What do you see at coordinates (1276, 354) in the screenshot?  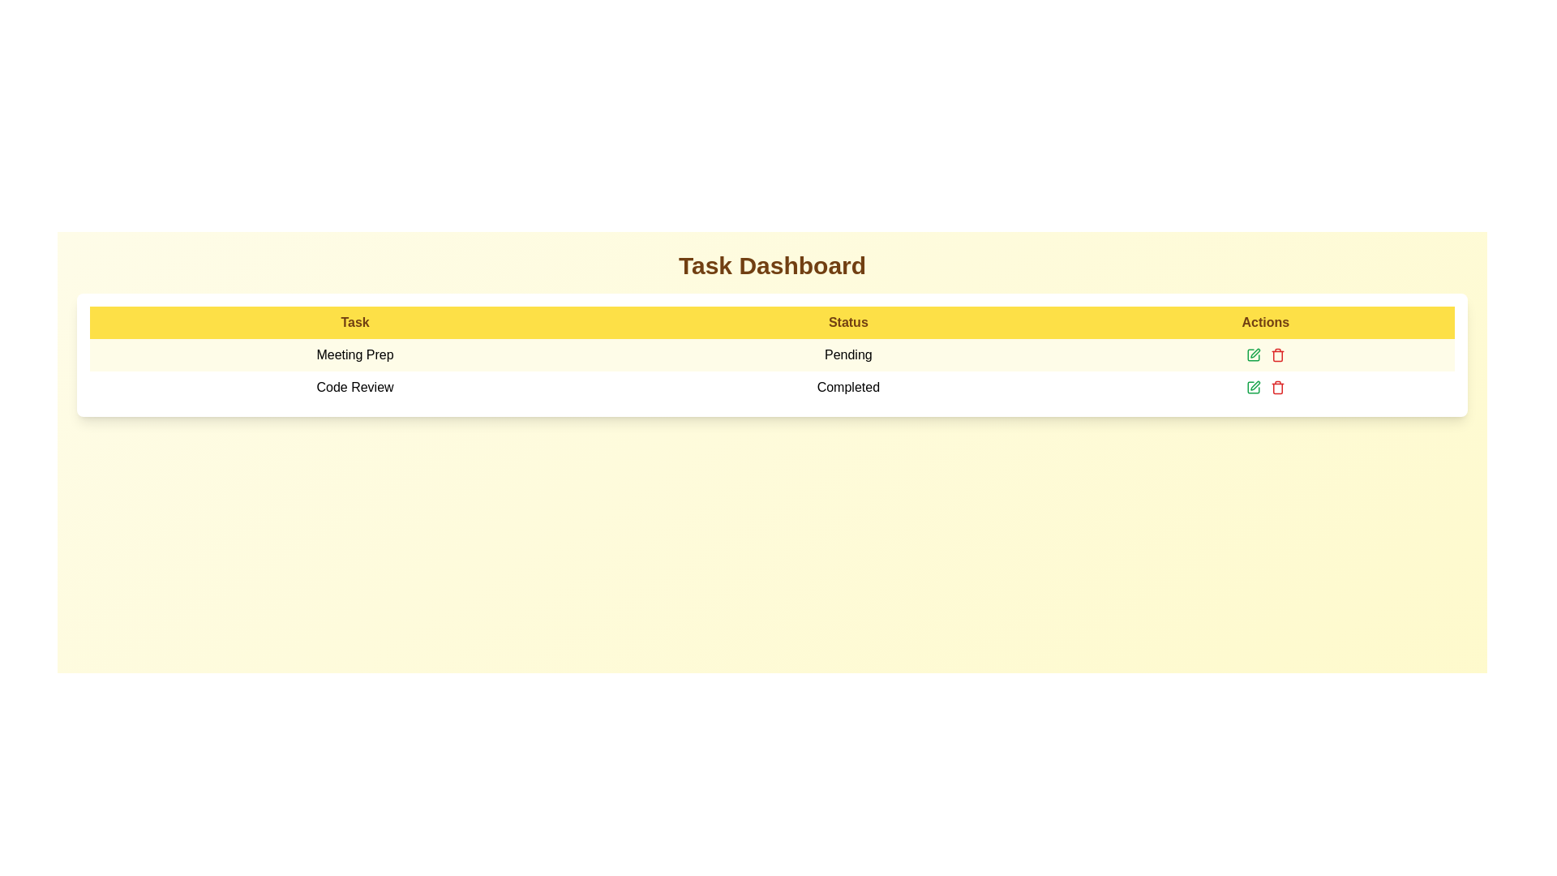 I see `the red trash can icon button, which is the second interactive icon in the 'Actions' column of the second row of the table` at bounding box center [1276, 354].